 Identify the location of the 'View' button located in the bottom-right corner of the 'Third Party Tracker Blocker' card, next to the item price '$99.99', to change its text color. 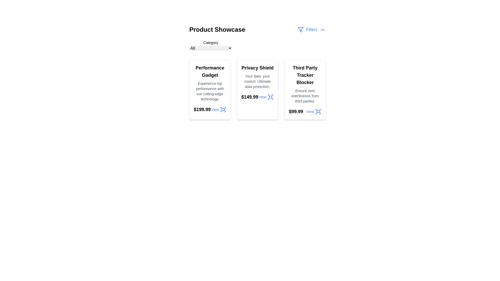
(313, 111).